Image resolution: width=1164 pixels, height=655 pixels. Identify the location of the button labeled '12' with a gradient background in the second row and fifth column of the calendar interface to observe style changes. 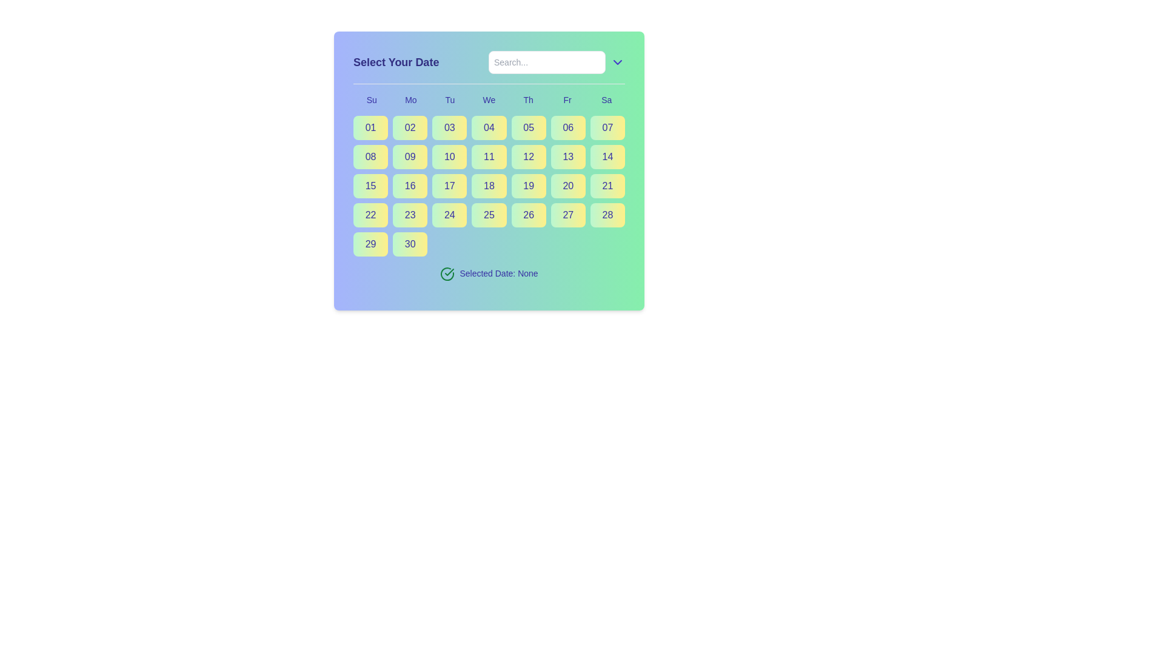
(529, 156).